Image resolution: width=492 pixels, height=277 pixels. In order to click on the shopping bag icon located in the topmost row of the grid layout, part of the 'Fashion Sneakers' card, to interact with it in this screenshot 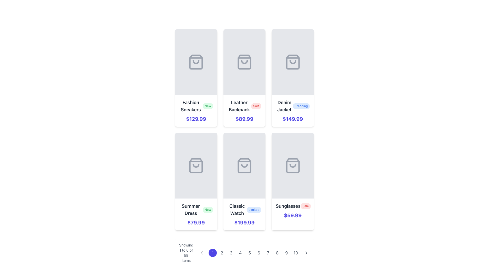, I will do `click(196, 62)`.